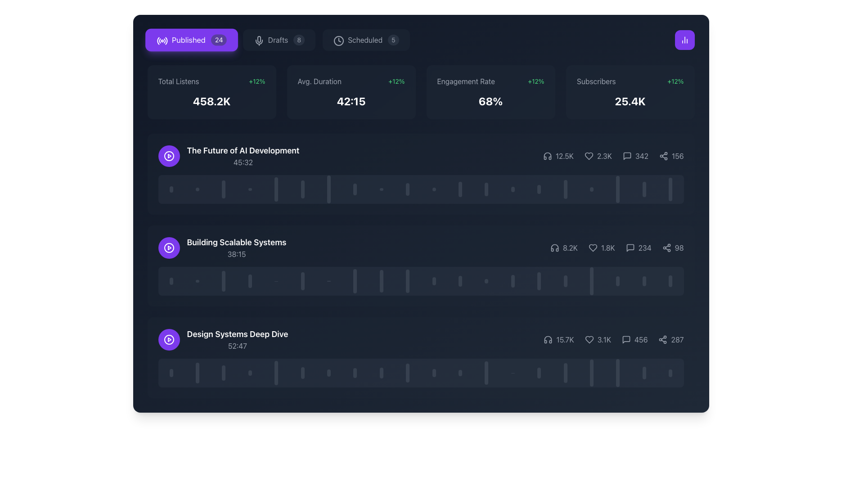 The height and width of the screenshot is (486, 864). Describe the element at coordinates (171, 189) in the screenshot. I see `the first visual indicator in the vertical set, located to the left of the horizontal bar titled 'The Future of AI Development'` at that location.